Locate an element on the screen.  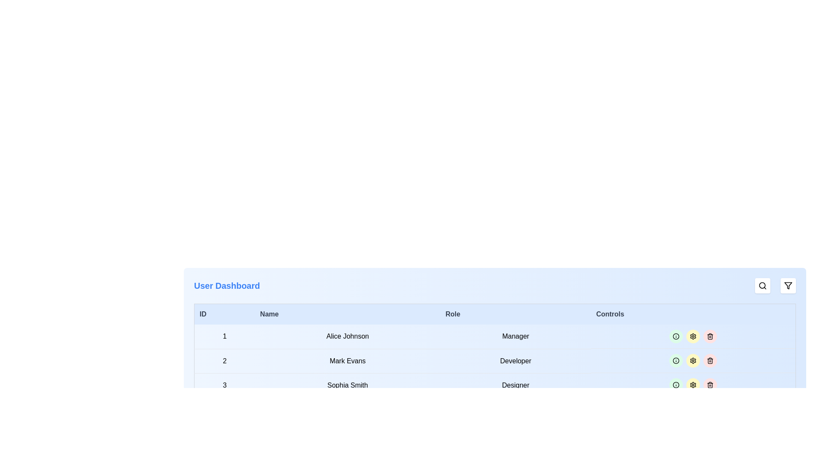
the 'Manager' text cell in the third column of the first row of the table, which displays the job title associated with the entry is located at coordinates (515, 336).